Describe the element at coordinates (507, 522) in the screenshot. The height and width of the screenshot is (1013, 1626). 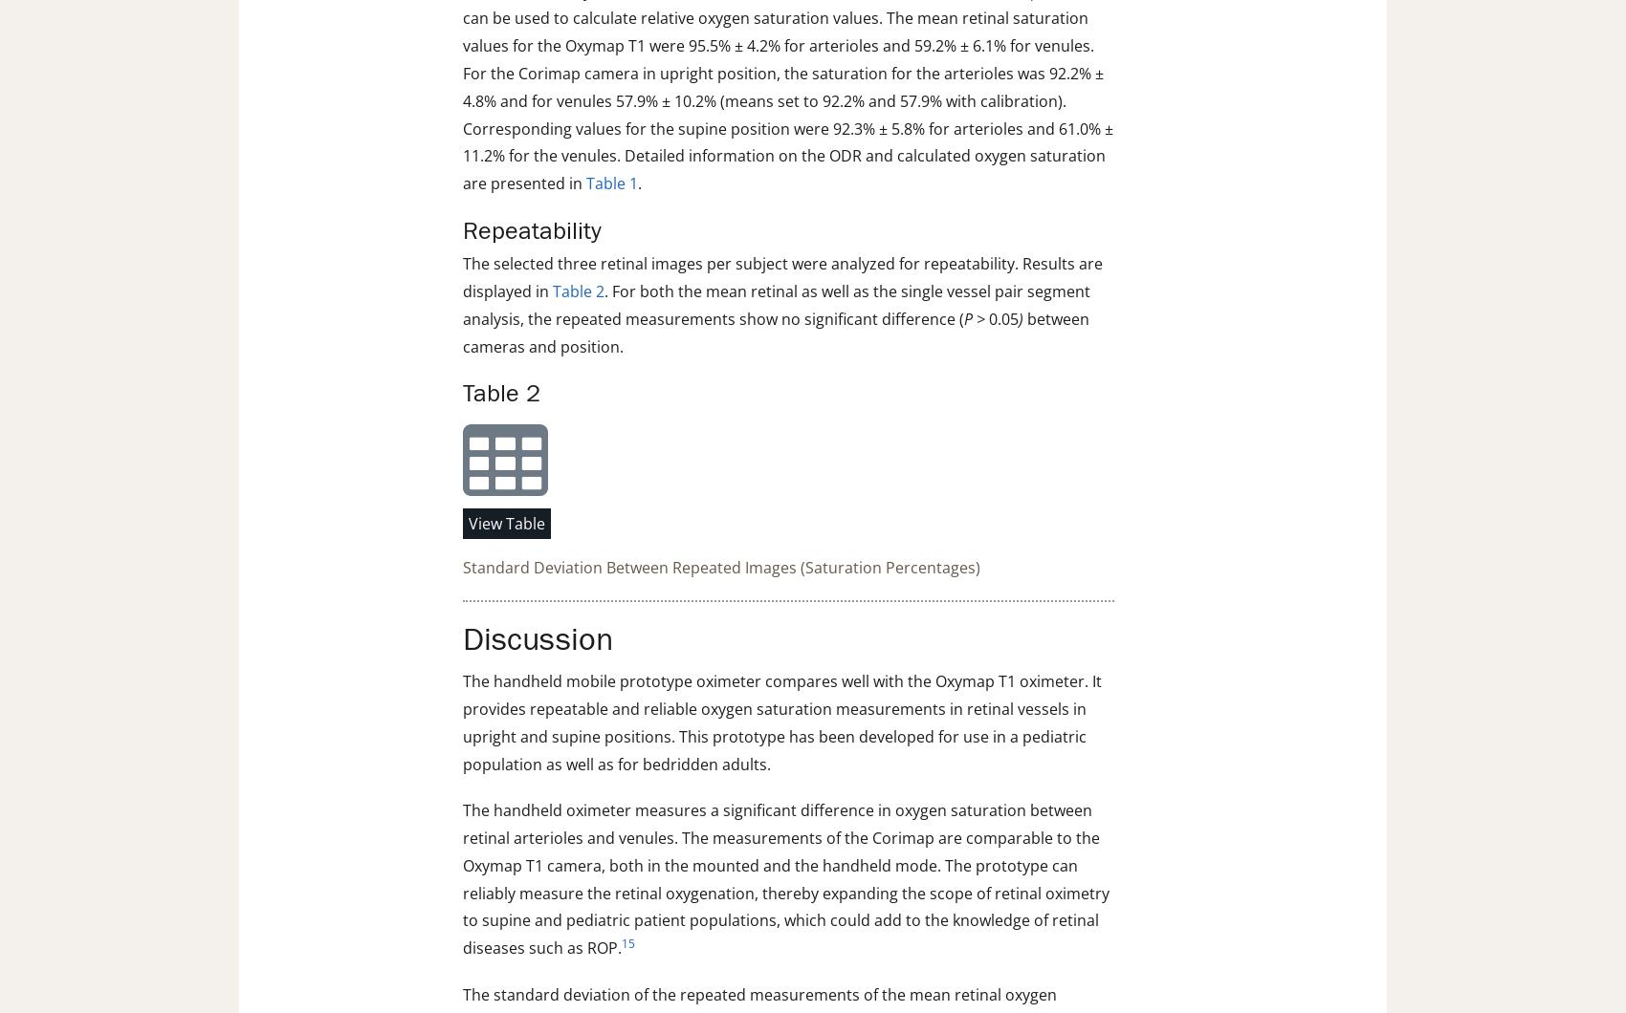
I see `'View Table'` at that location.